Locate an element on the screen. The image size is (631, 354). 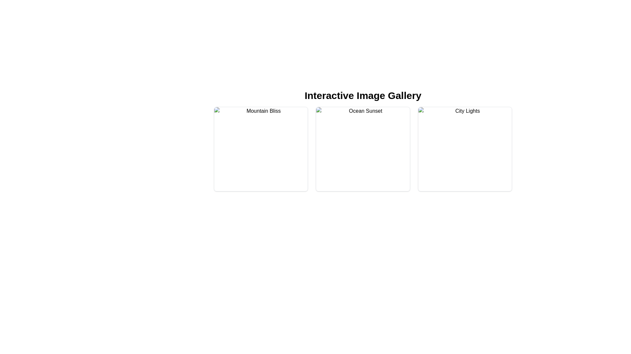
the first button in the row of interactive elements to change its color, which likely represents a 'like' or 'favorite' action is located at coordinates (347, 155).